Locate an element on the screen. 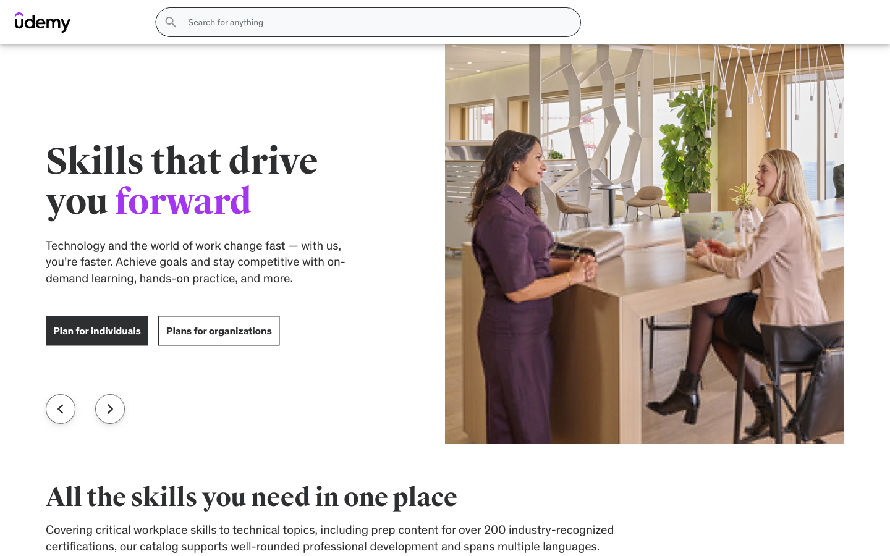 The width and height of the screenshot is (890, 556). Validate the price range for children"s shoes is located at coordinates (150, 383).